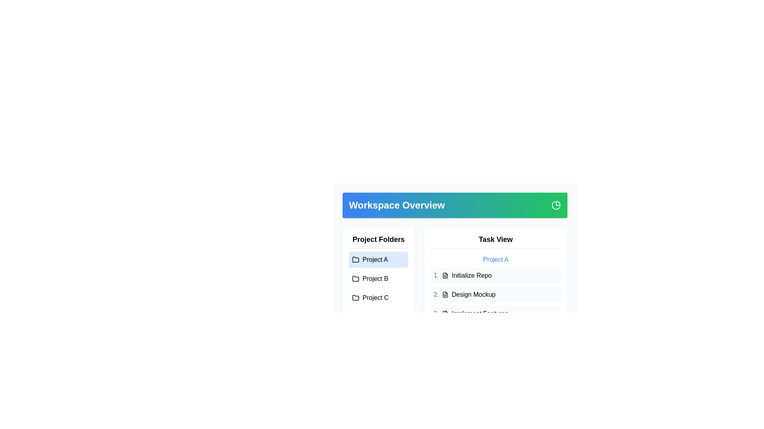 The height and width of the screenshot is (429, 764). Describe the element at coordinates (495, 241) in the screenshot. I see `bold title text labeled 'Task View' located at the top-center of the panel above the 'Project A' text` at that location.